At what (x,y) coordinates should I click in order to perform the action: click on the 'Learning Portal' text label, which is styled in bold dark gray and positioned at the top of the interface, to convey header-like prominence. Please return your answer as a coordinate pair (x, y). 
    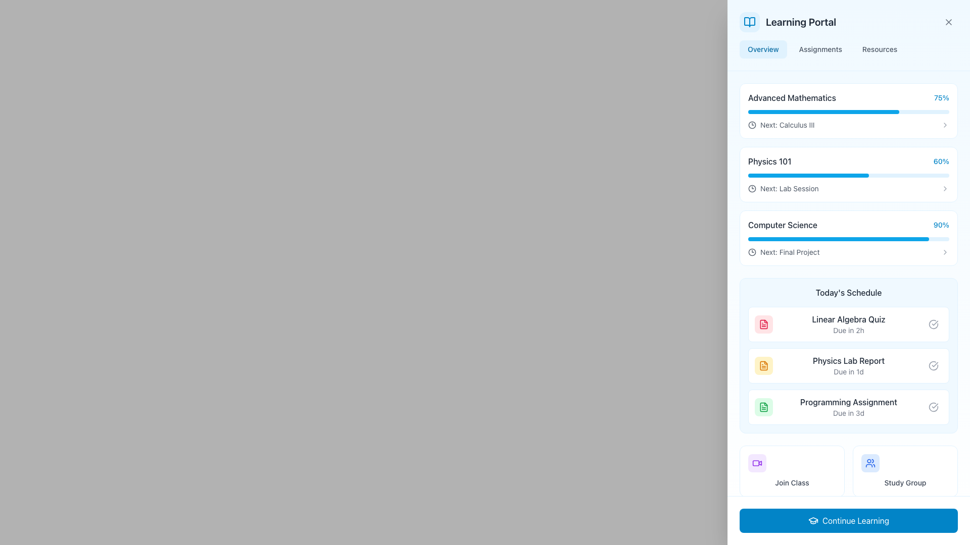
    Looking at the image, I should click on (800, 22).